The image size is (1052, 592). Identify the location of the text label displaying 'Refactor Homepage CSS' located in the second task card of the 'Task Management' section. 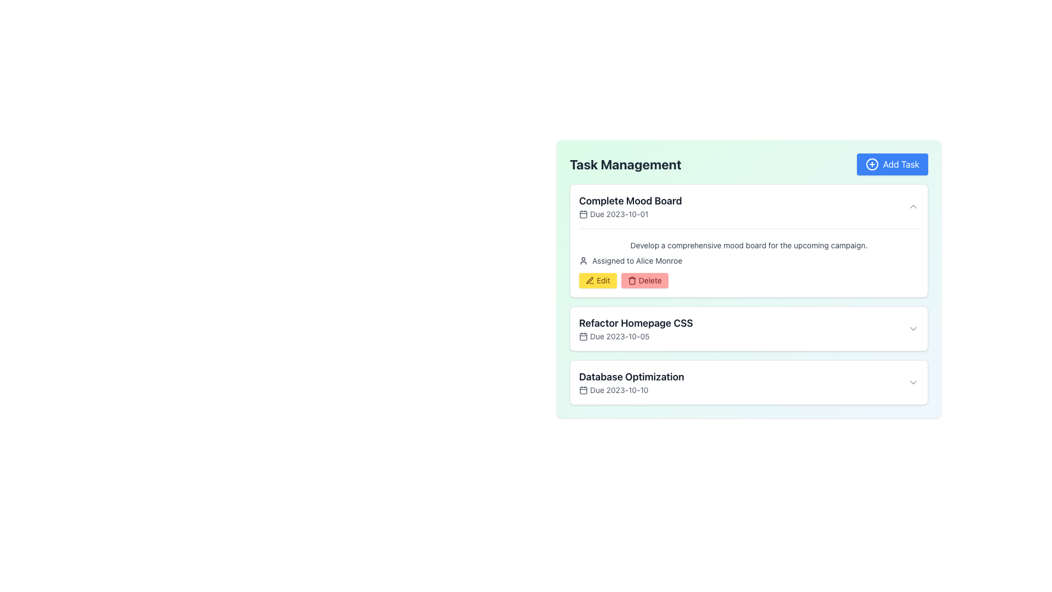
(636, 323).